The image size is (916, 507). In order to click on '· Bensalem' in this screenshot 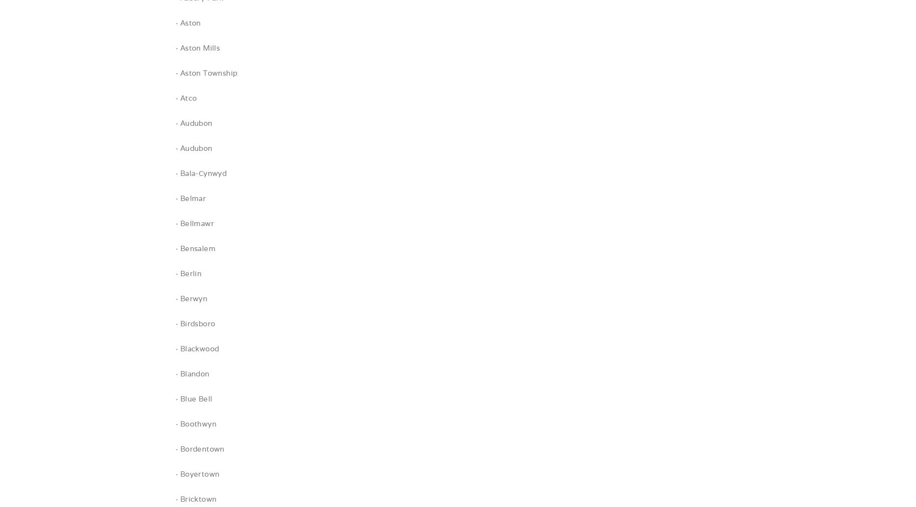, I will do `click(175, 248)`.